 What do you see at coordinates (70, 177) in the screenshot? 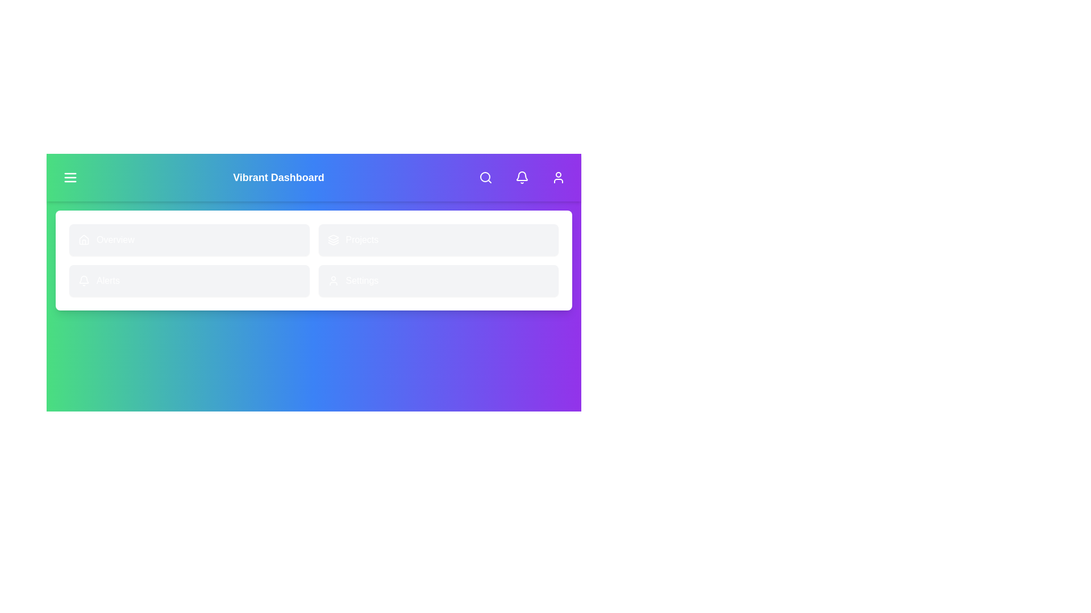
I see `the menu button to toggle the menu visibility` at bounding box center [70, 177].